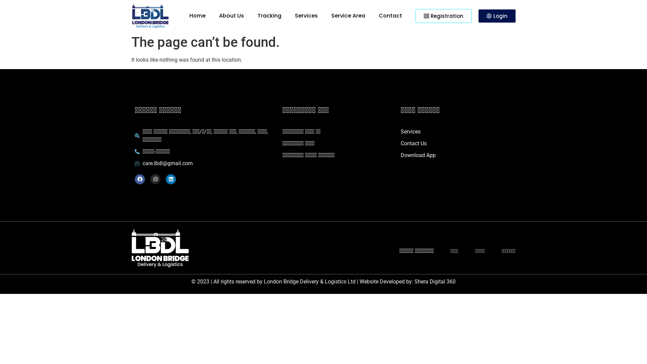 The image size is (647, 364). Describe the element at coordinates (348, 15) in the screenshot. I see `'Service Area'` at that location.